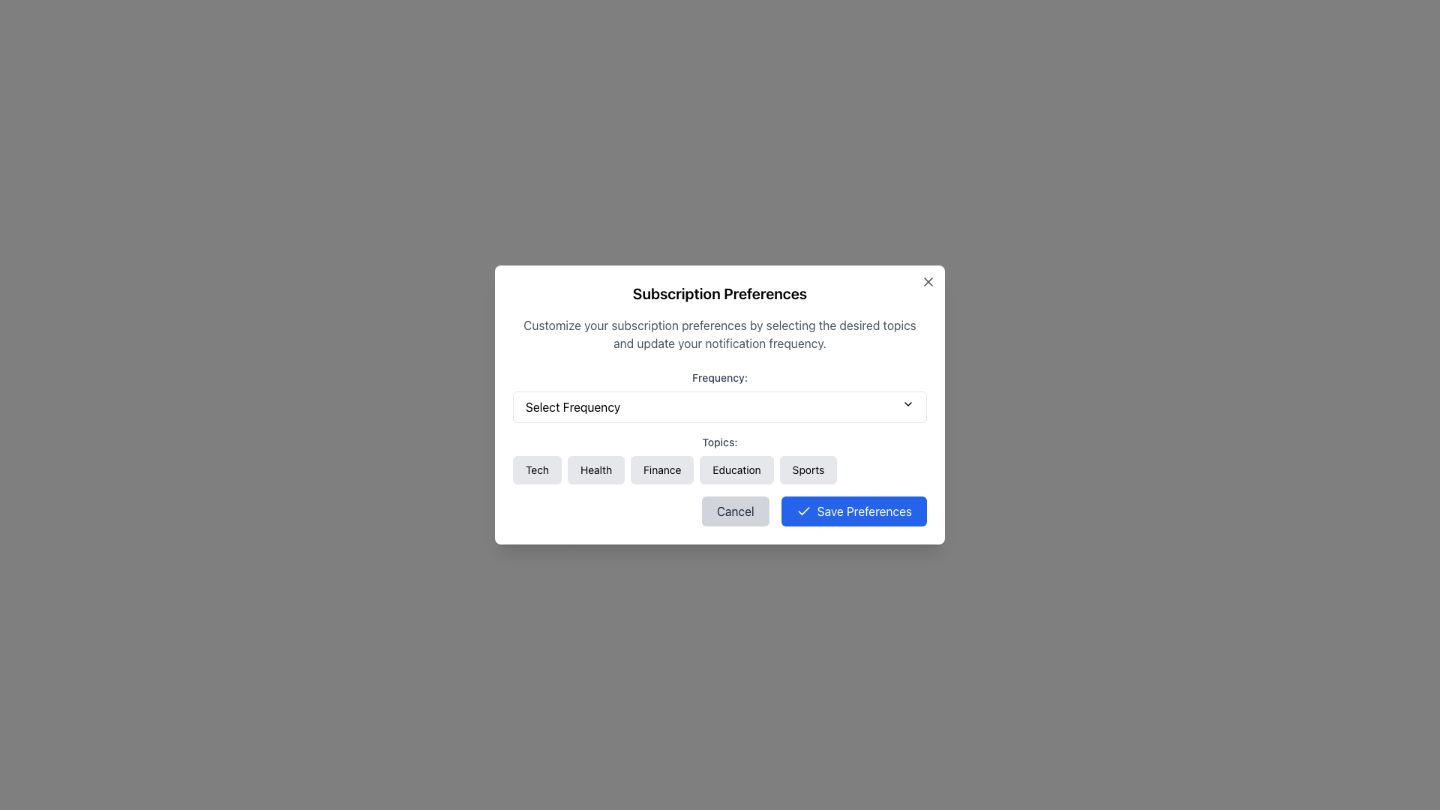 This screenshot has height=810, width=1440. What do you see at coordinates (802, 511) in the screenshot?
I see `the checkmark icon within the 'Save Preferences' button, which is styled with a white rounded stroke on a blue background, located at the bottom-right corner of the modal dialog box` at bounding box center [802, 511].